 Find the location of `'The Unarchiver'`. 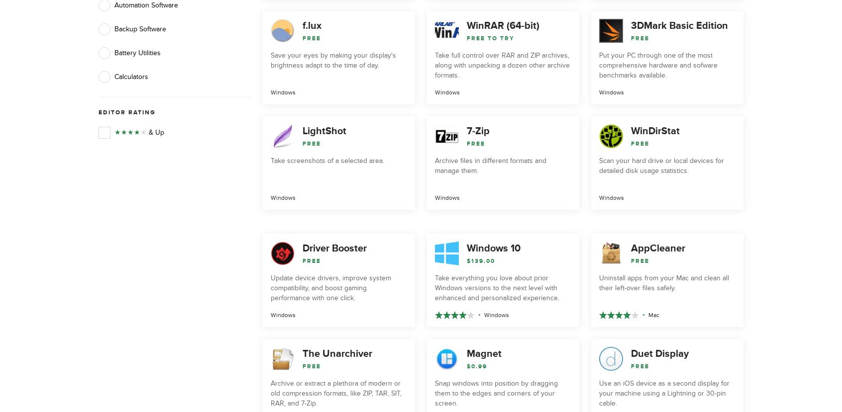

'The Unarchiver' is located at coordinates (302, 353).